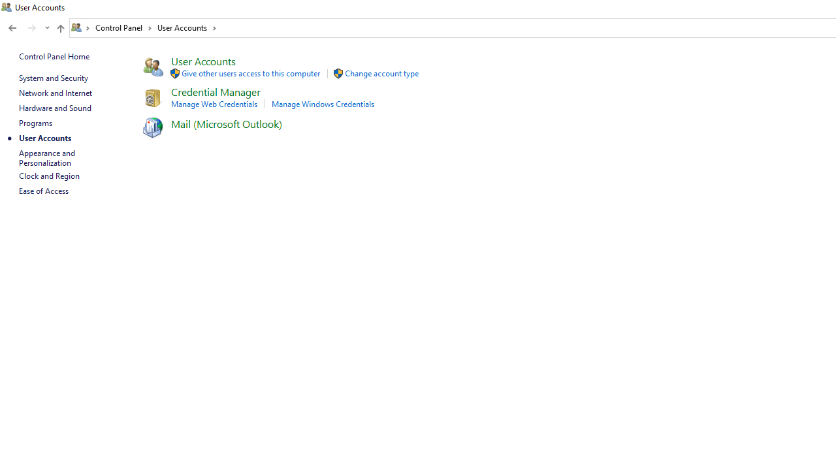 The image size is (836, 470). I want to click on 'All locations', so click(80, 27).